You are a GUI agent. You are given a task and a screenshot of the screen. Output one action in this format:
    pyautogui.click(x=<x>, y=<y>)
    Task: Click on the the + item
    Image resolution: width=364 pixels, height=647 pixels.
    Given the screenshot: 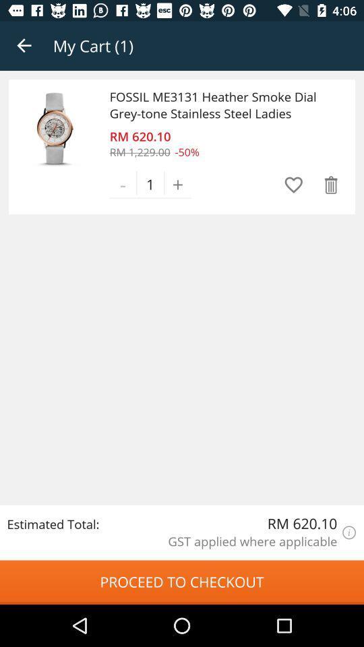 What is the action you would take?
    pyautogui.click(x=178, y=183)
    